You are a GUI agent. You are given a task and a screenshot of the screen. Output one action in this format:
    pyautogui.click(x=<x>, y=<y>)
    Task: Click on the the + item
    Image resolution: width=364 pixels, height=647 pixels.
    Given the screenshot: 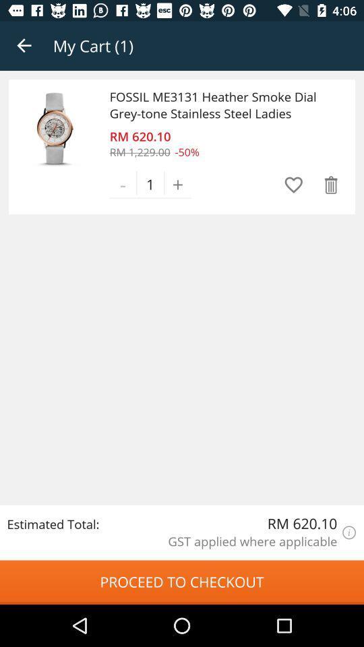 What is the action you would take?
    pyautogui.click(x=178, y=183)
    